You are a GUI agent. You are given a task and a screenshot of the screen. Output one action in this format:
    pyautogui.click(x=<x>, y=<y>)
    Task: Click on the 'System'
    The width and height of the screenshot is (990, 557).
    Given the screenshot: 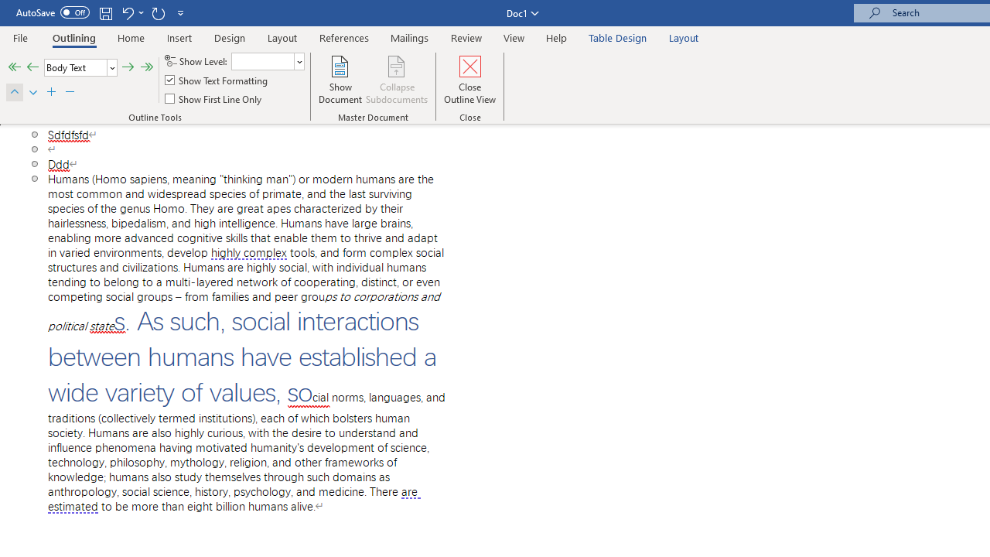 What is the action you would take?
    pyautogui.click(x=8, y=9)
    